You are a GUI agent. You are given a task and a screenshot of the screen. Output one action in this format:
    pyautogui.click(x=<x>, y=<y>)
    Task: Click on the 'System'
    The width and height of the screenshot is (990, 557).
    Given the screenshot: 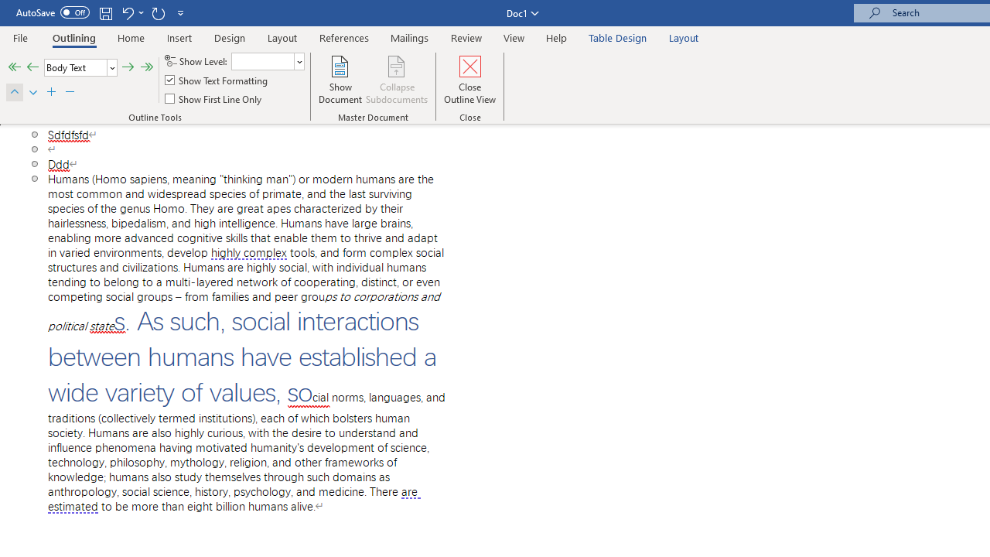 What is the action you would take?
    pyautogui.click(x=8, y=9)
    